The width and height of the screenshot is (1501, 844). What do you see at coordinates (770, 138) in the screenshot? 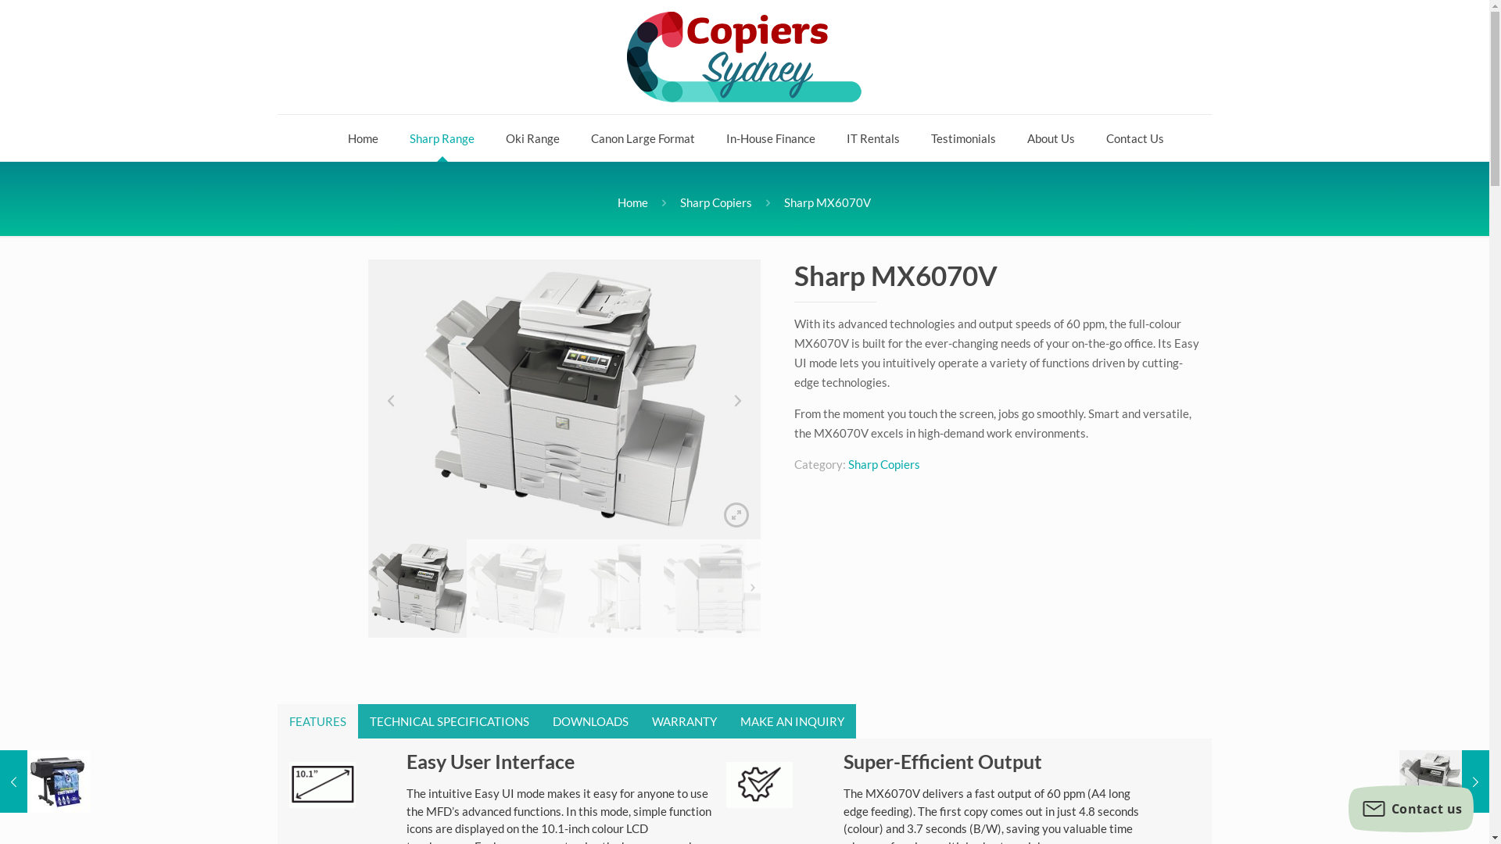
I see `'In-House Finance'` at bounding box center [770, 138].